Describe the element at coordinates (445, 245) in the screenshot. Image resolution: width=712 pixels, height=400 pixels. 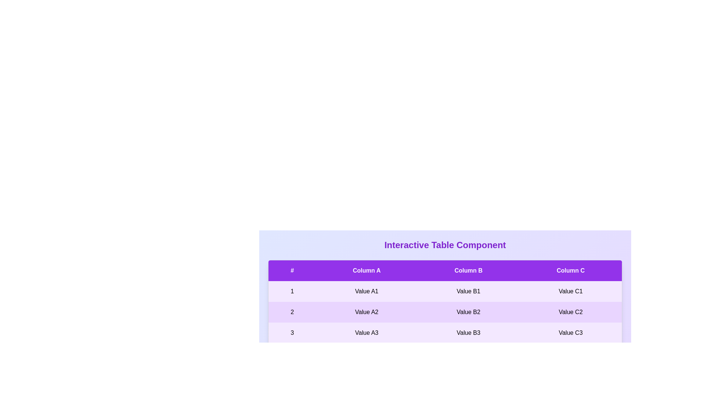
I see `the title text of the table component to focus on it` at that location.